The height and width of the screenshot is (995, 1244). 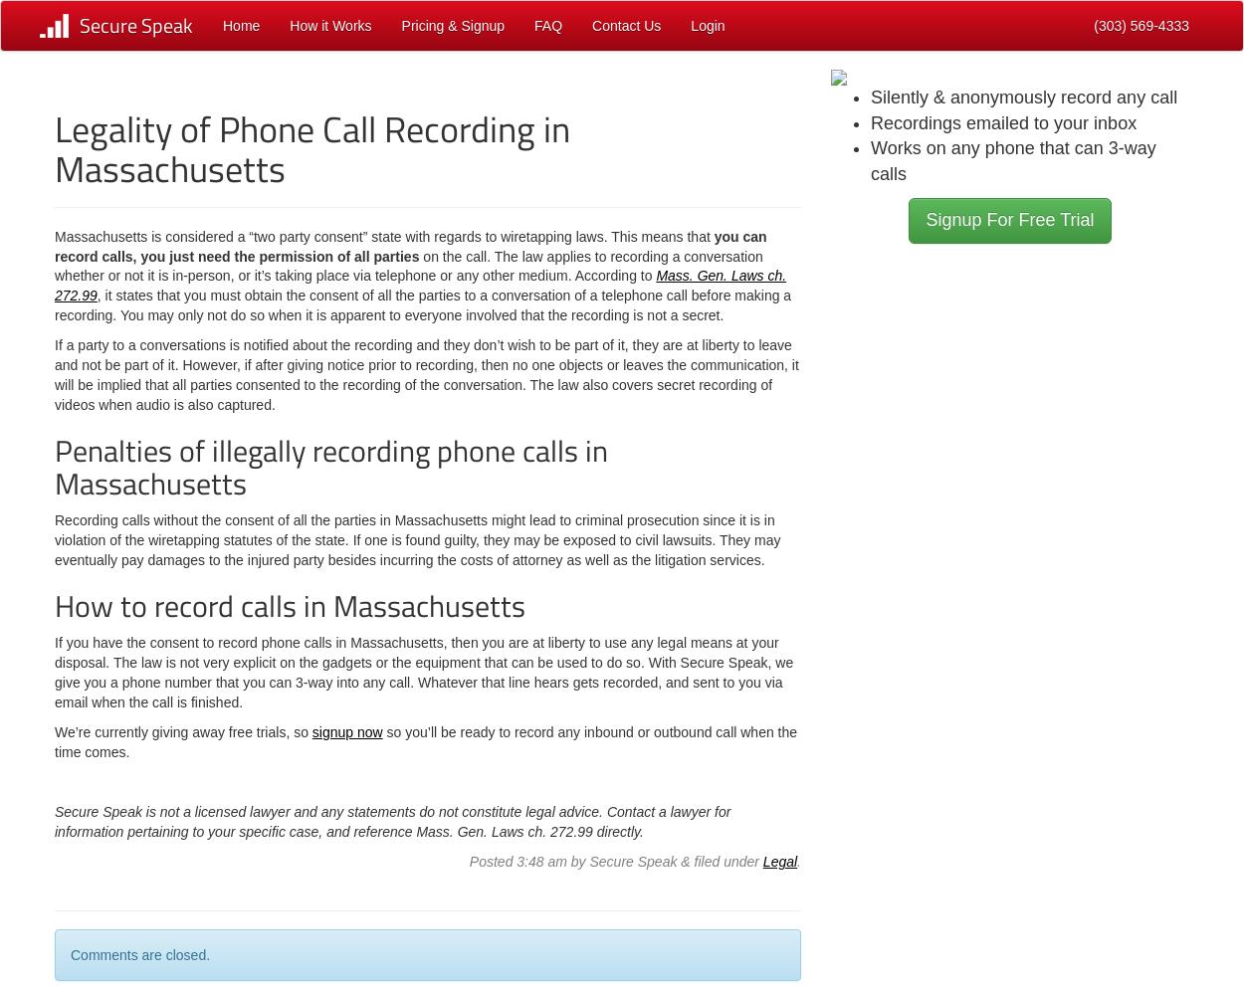 What do you see at coordinates (55, 605) in the screenshot?
I see `'How to record calls in Massachusetts'` at bounding box center [55, 605].